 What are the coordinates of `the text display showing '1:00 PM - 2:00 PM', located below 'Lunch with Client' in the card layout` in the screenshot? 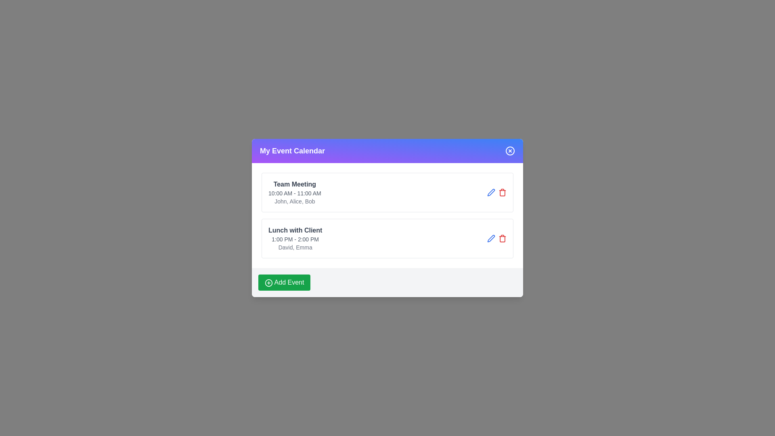 It's located at (295, 239).